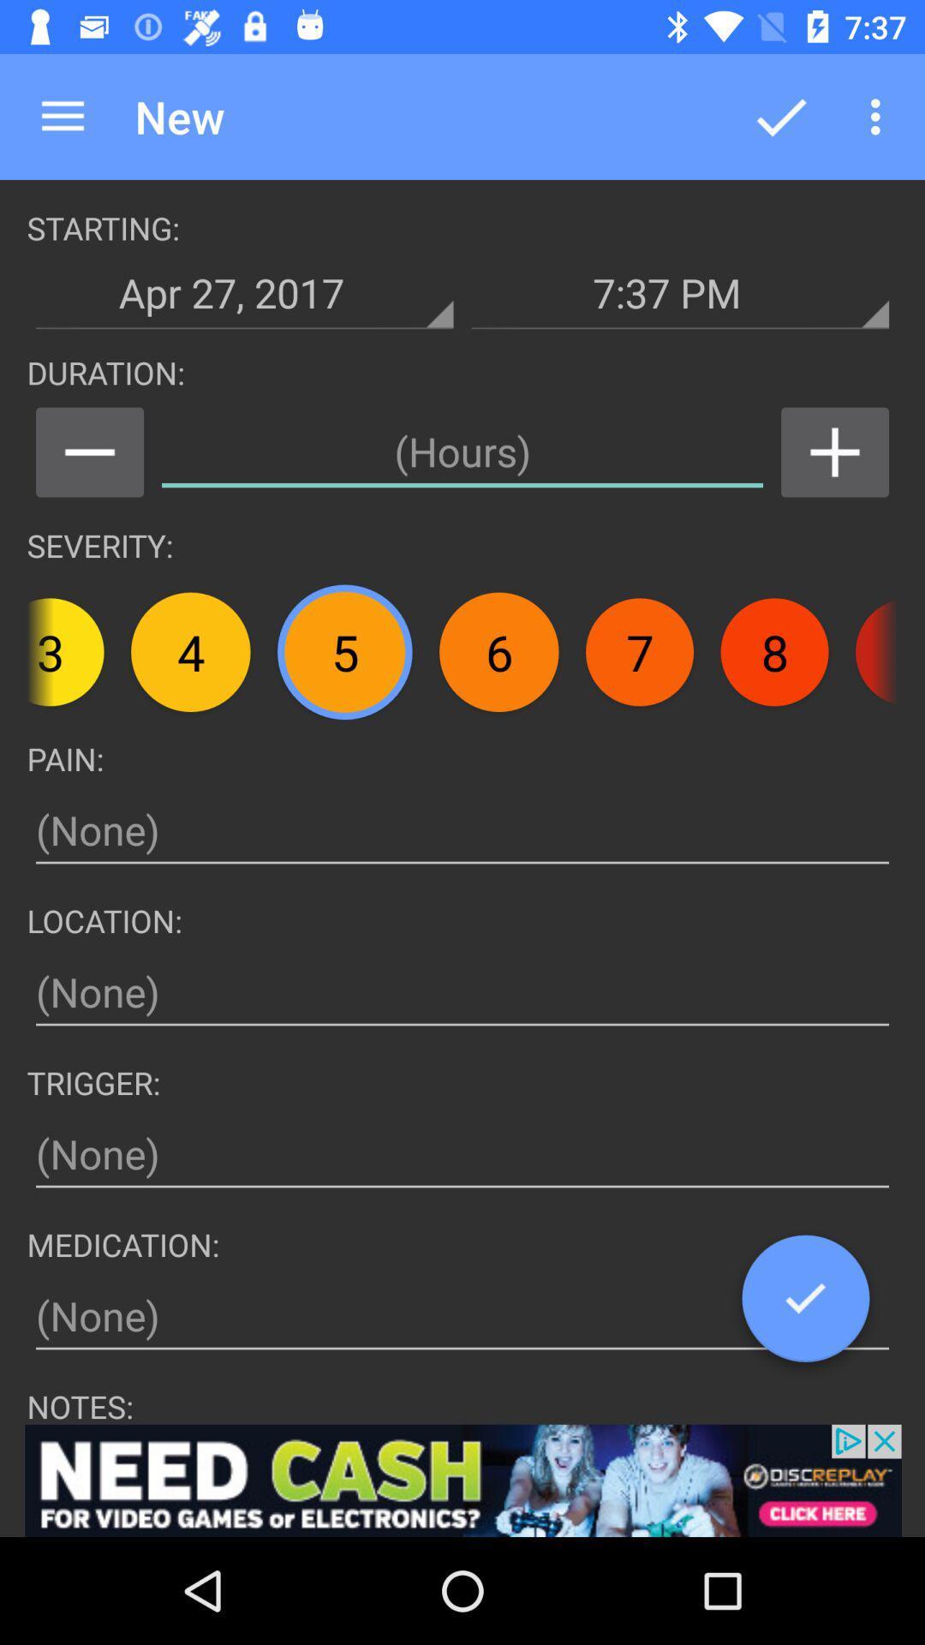  What do you see at coordinates (462, 1154) in the screenshot?
I see `headache trigger note box` at bounding box center [462, 1154].